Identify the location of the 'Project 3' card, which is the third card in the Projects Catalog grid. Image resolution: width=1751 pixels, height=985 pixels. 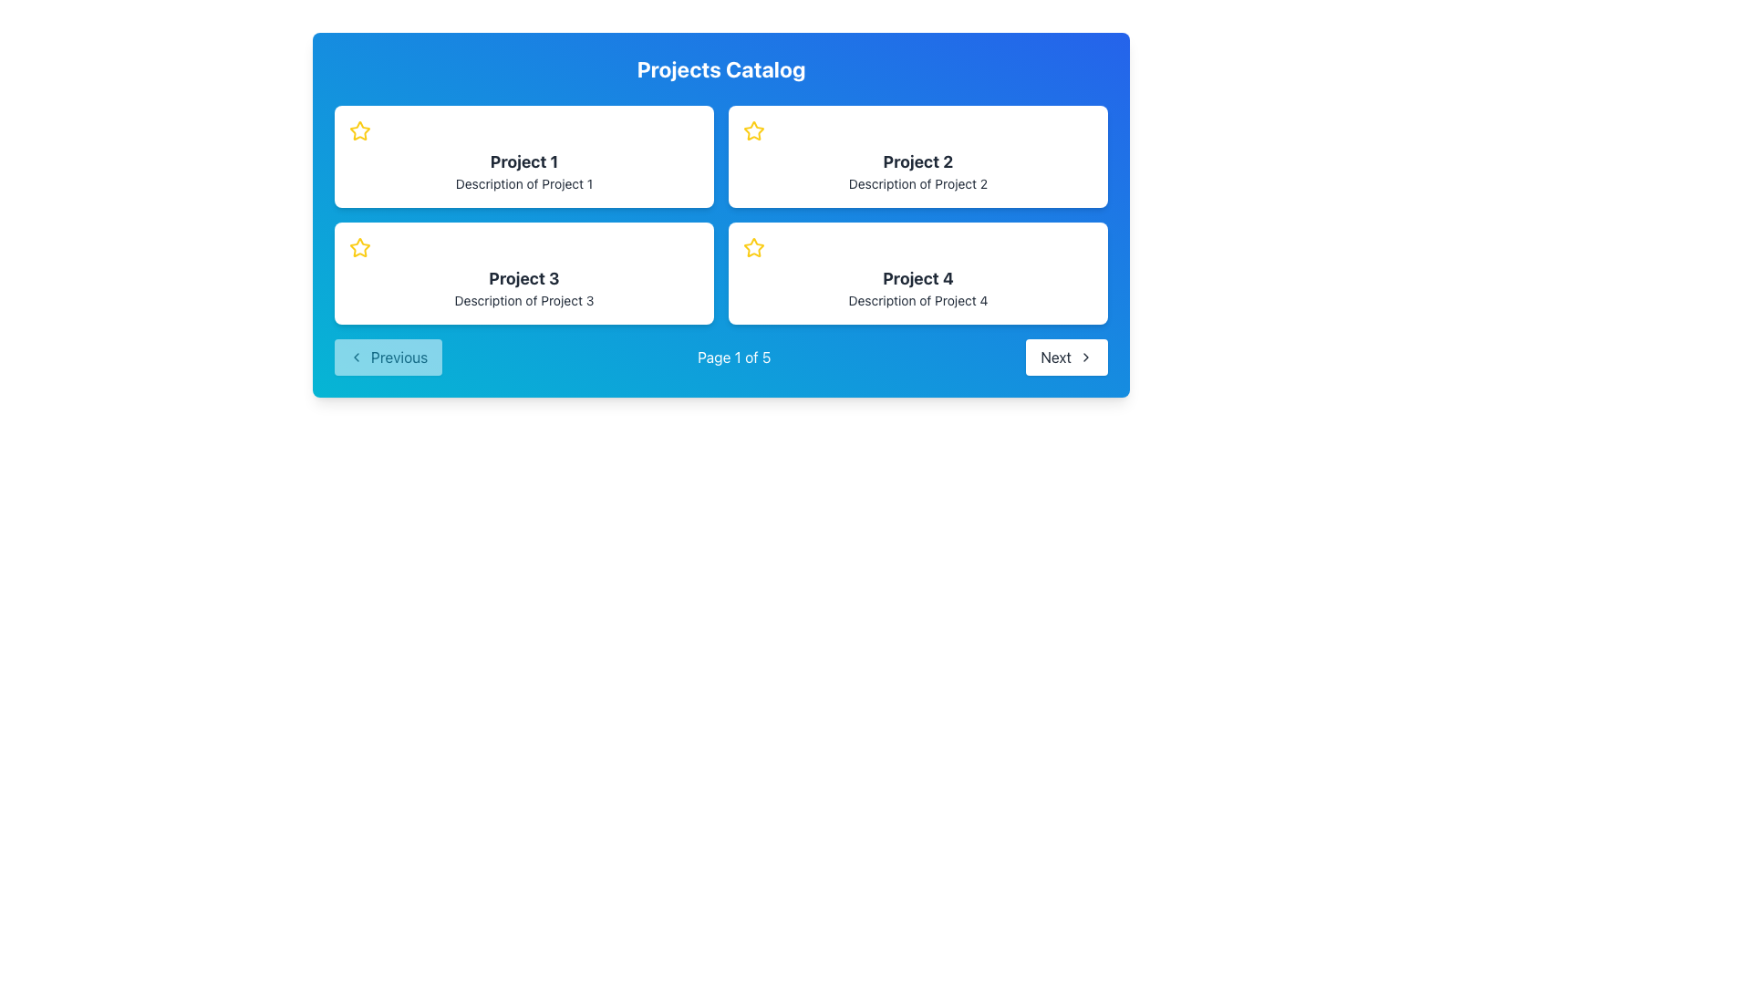
(523, 274).